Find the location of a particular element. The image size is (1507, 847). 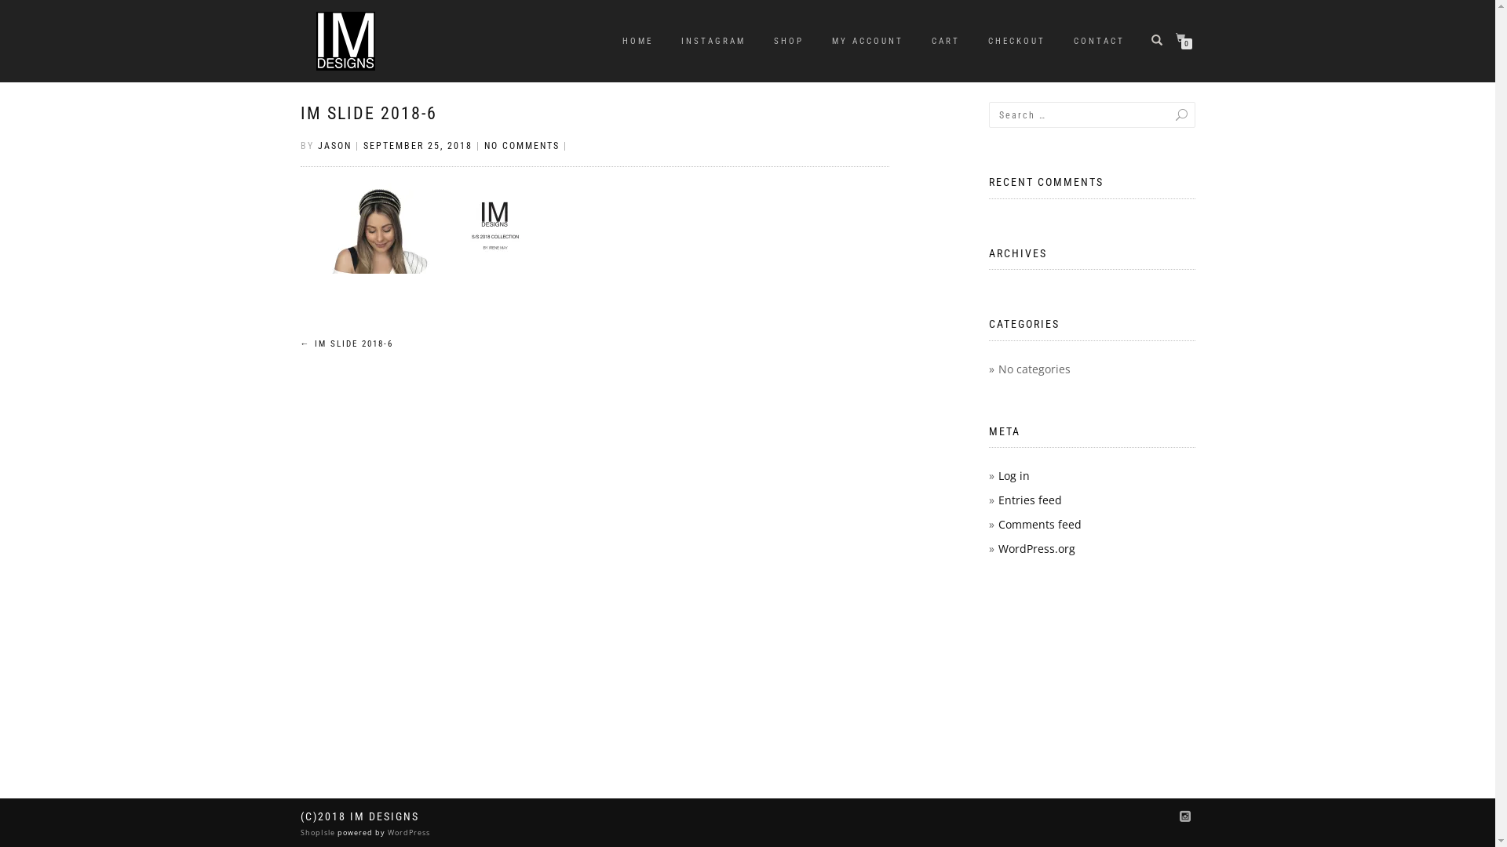

'CART' is located at coordinates (944, 41).